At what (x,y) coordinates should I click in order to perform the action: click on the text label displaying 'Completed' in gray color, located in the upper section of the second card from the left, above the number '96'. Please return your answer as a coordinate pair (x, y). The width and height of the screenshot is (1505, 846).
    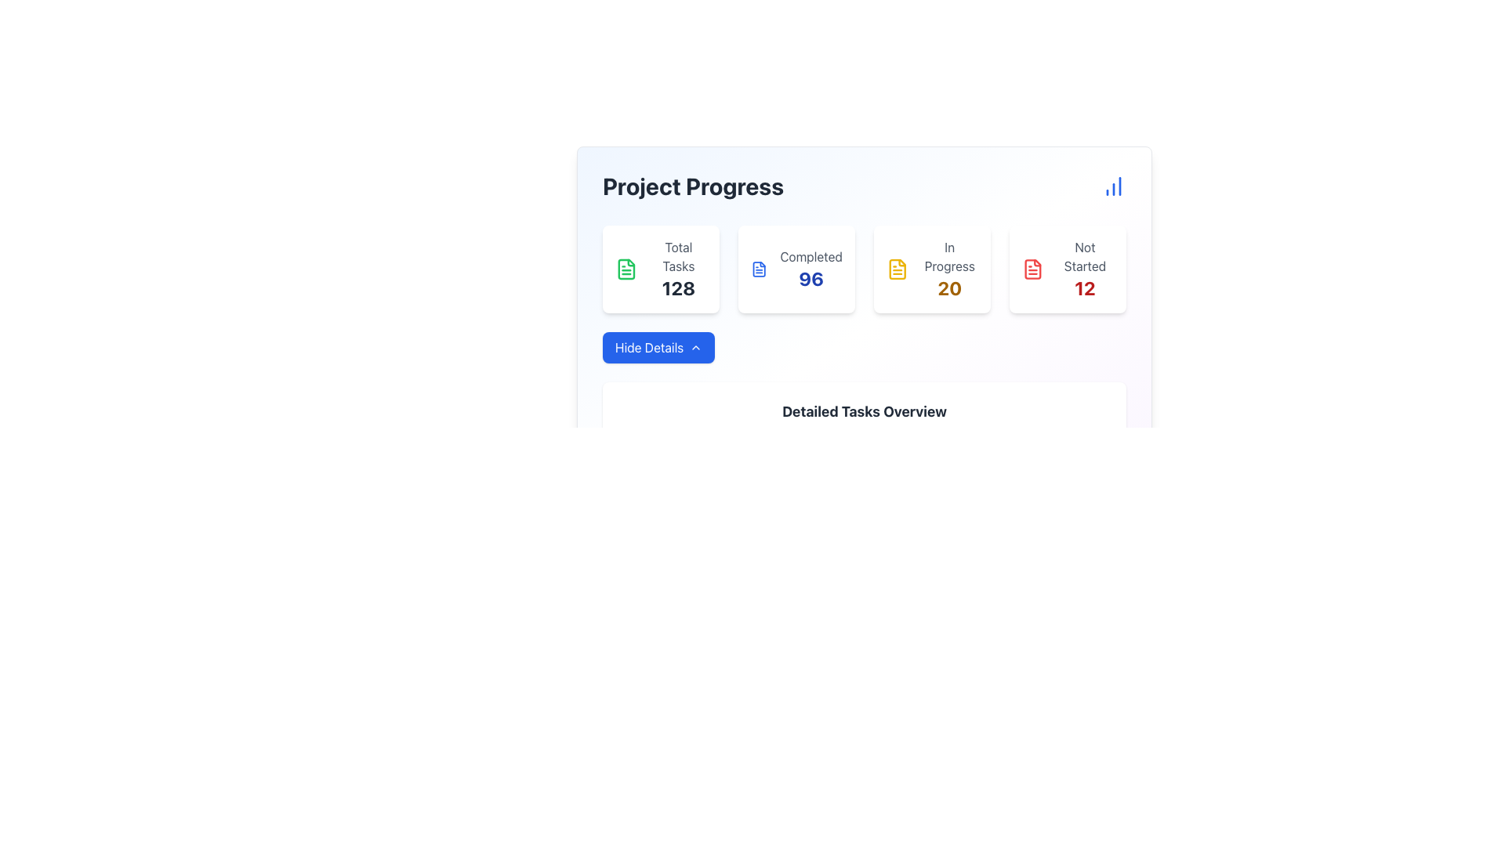
    Looking at the image, I should click on (811, 255).